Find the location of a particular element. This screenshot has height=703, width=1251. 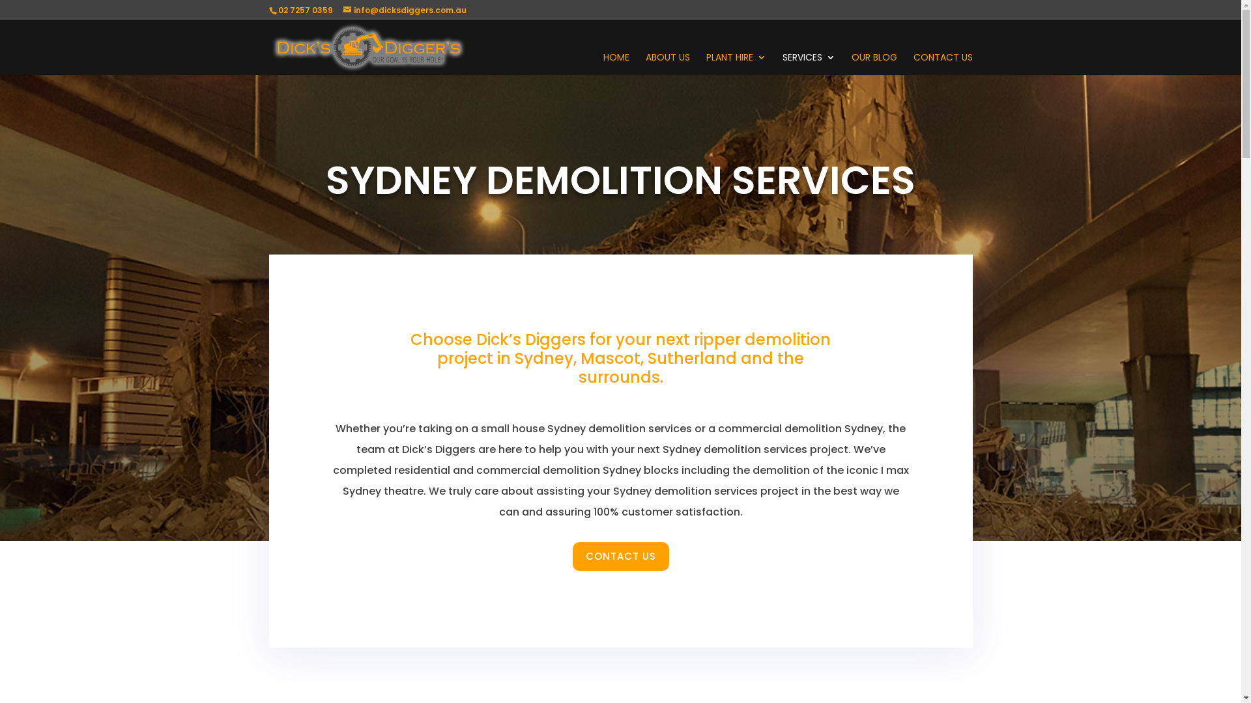

'PLANT HIRE' is located at coordinates (736, 63).